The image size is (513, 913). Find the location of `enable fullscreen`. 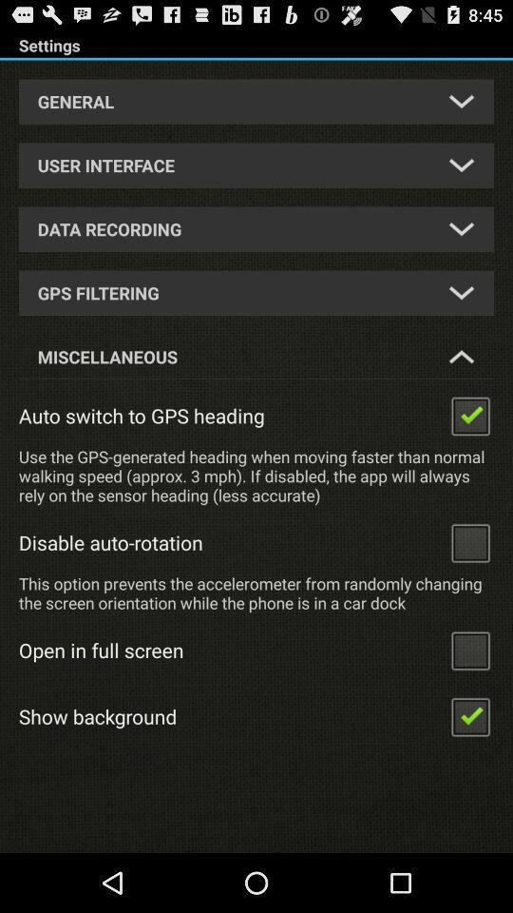

enable fullscreen is located at coordinates (469, 650).